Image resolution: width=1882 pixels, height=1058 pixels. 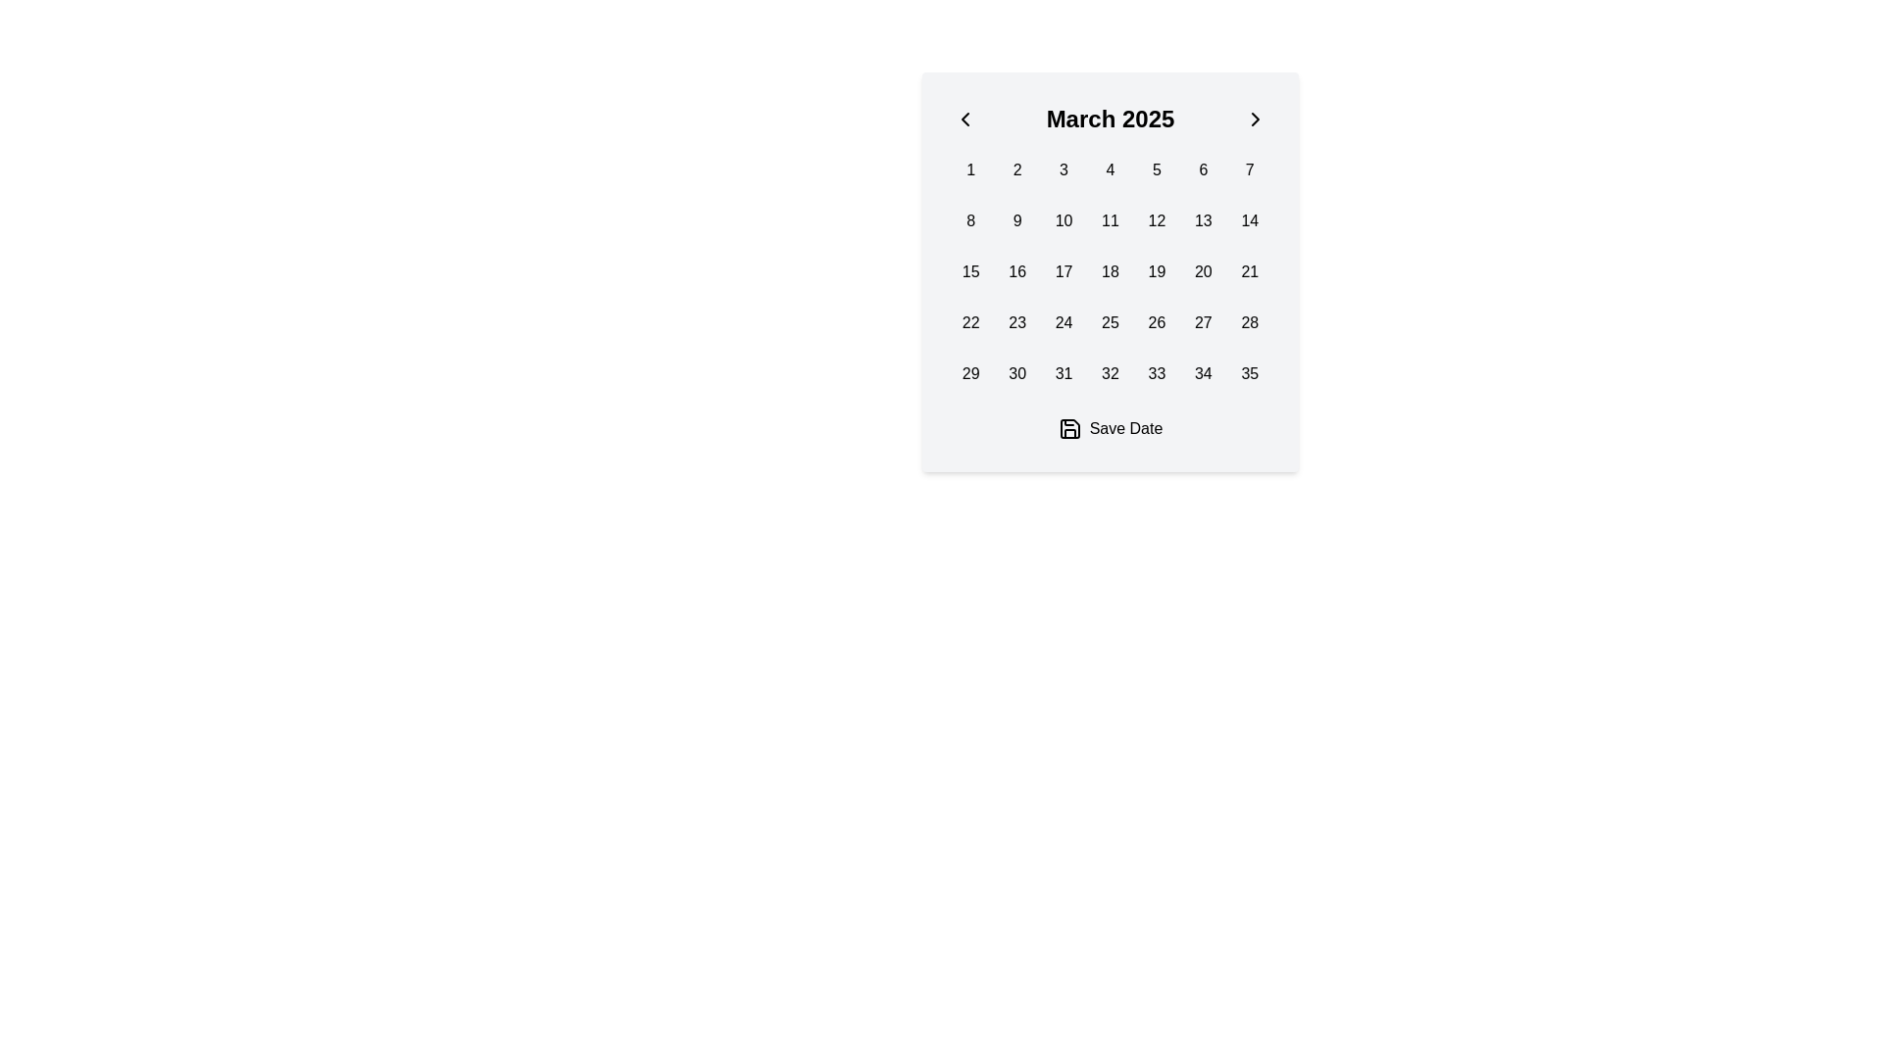 I want to click on the upper portion of the save icon, which is part of the decorative icon representing the save functionality, located near the 'Save Date' label, so click(x=1068, y=428).